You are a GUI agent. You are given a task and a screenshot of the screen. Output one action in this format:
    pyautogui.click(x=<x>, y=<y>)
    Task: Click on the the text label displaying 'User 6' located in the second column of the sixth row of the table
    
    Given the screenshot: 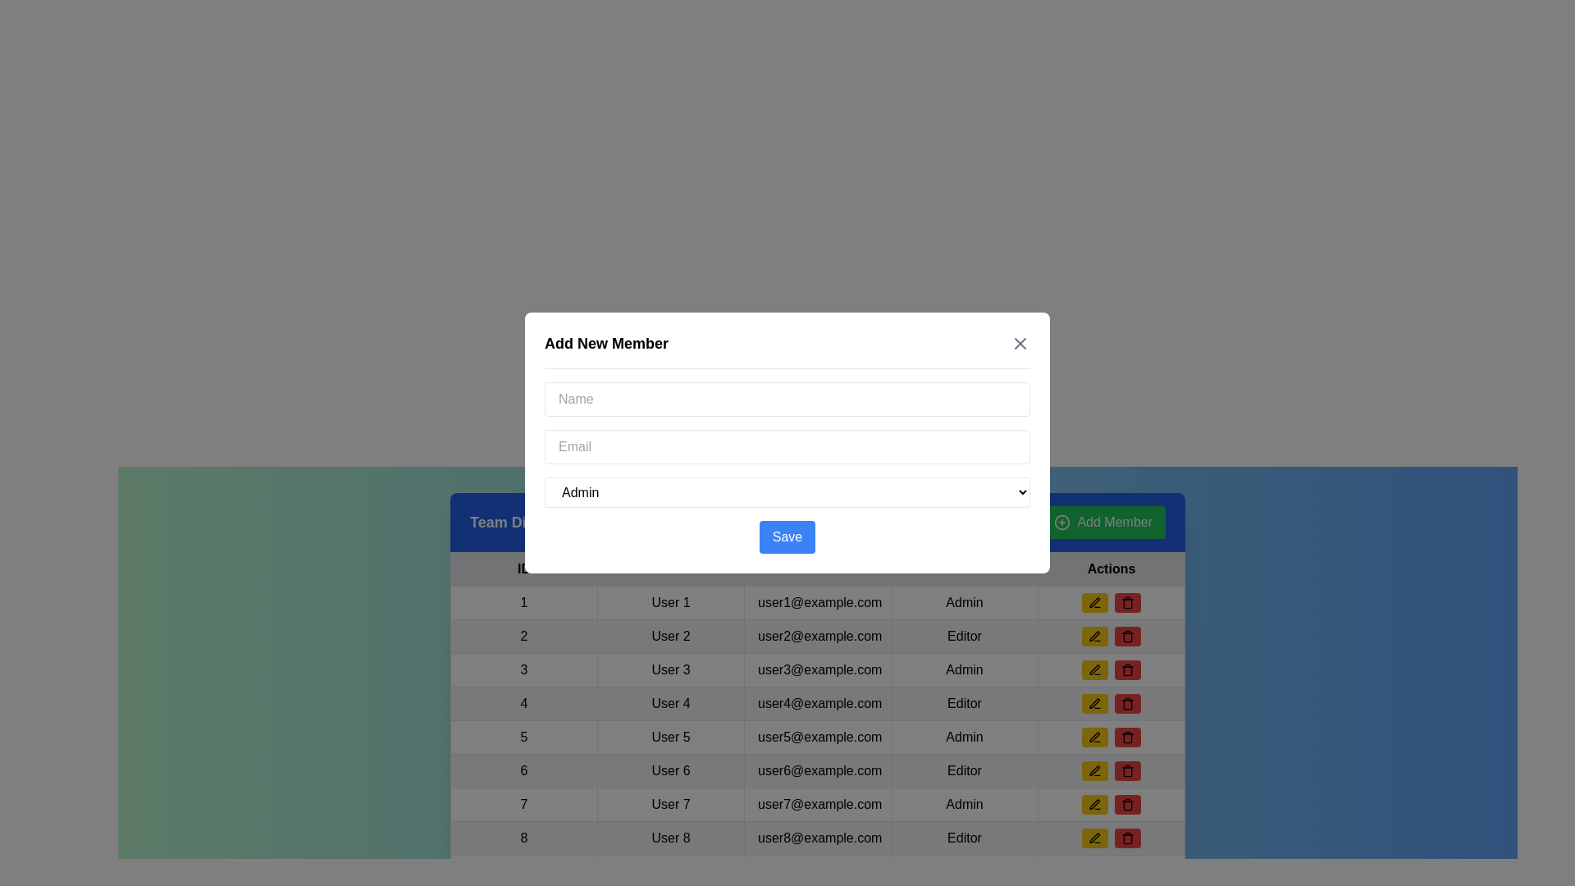 What is the action you would take?
    pyautogui.click(x=670, y=771)
    